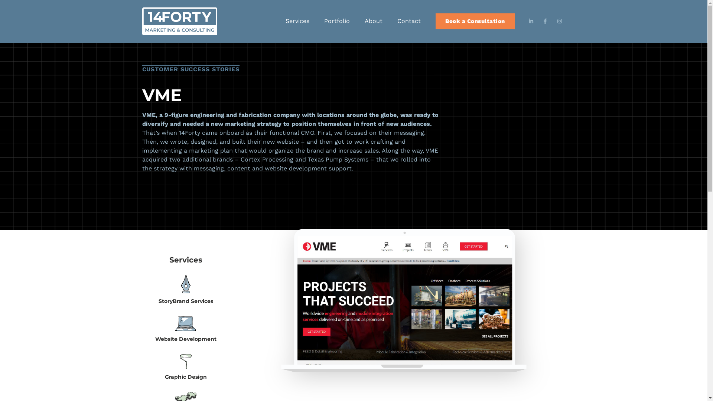 The width and height of the screenshot is (713, 401). Describe the element at coordinates (408, 21) in the screenshot. I see `'Contact'` at that location.